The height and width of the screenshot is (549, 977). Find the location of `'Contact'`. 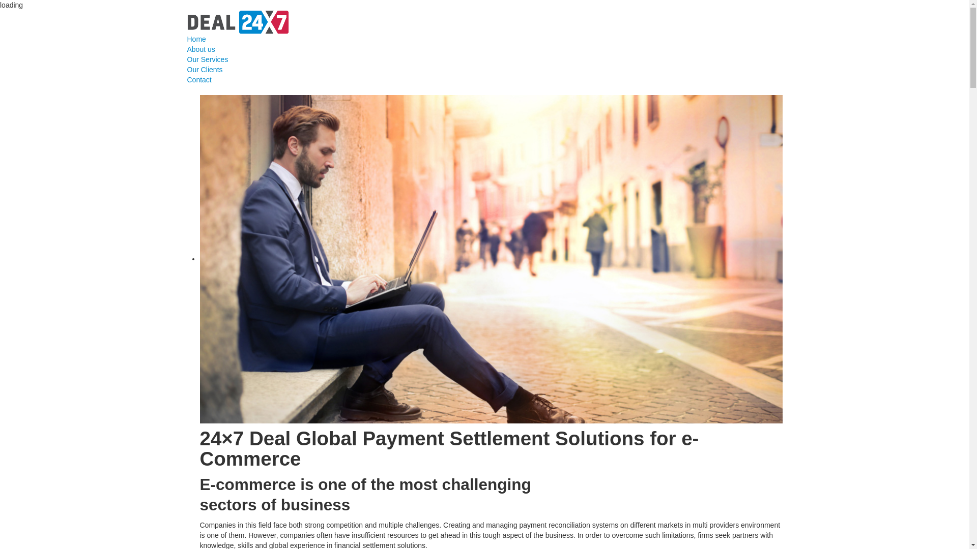

'Contact' is located at coordinates (484, 79).